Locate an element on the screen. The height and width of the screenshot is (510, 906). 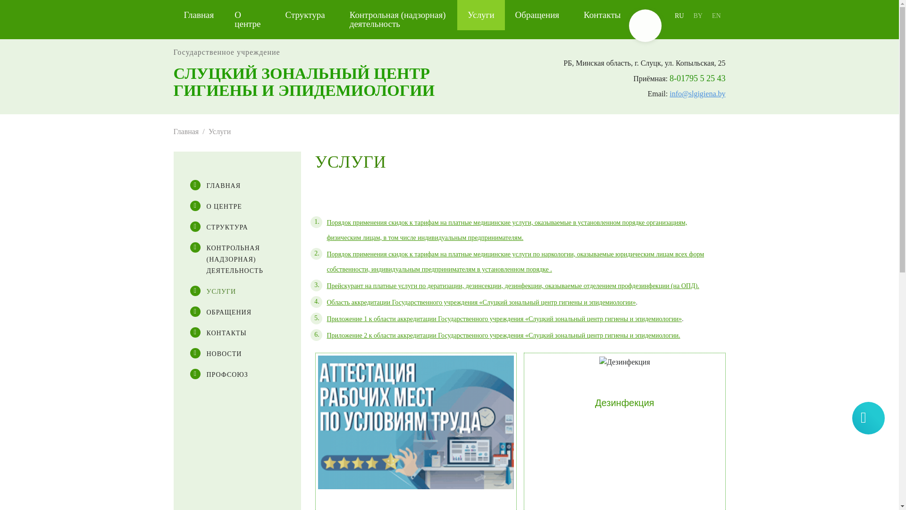
'info@slgigiena.by' is located at coordinates (669, 93).